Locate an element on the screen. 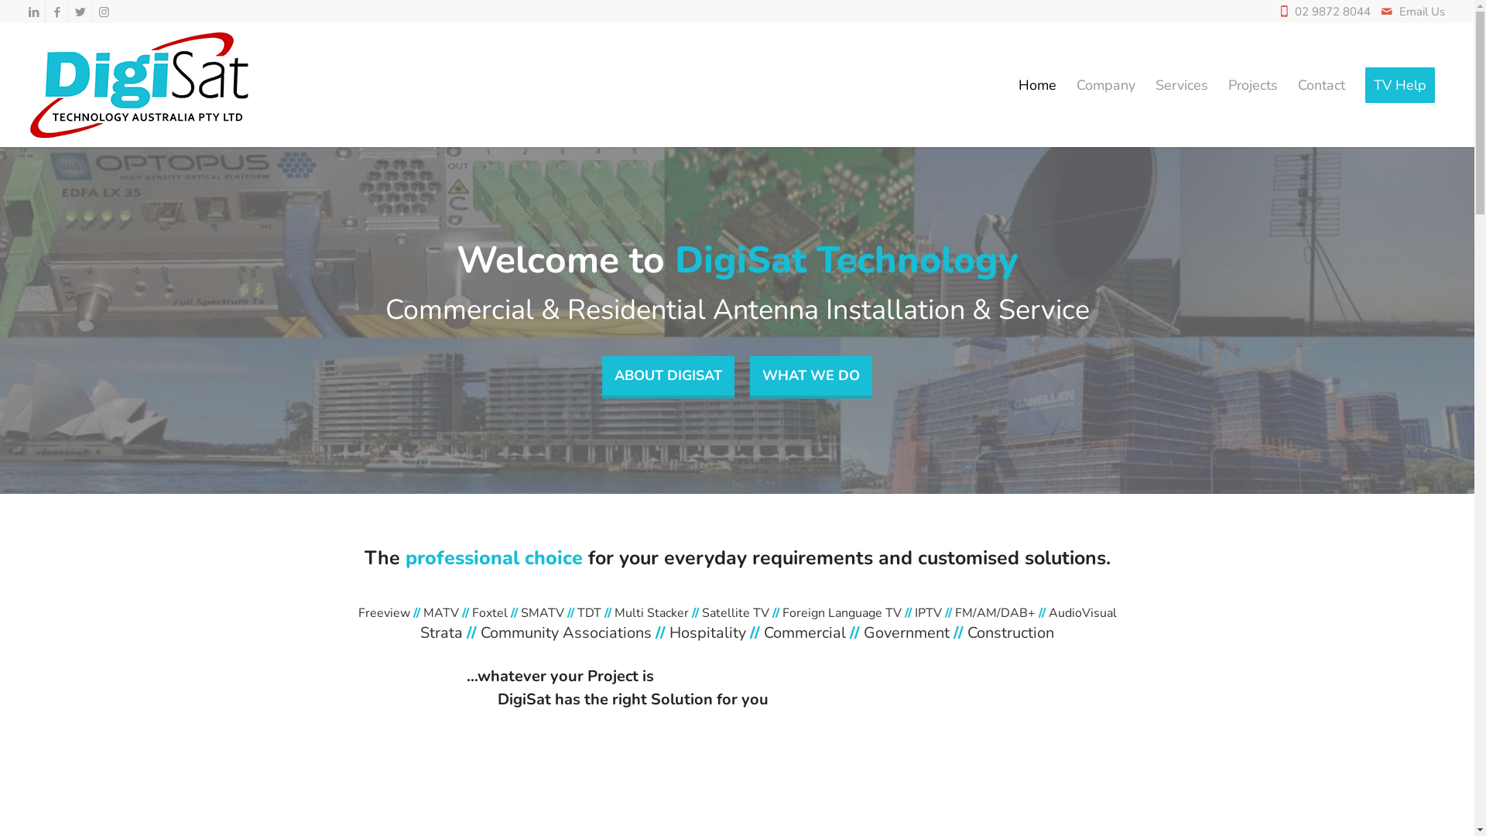  'Services' is located at coordinates (1145, 85).